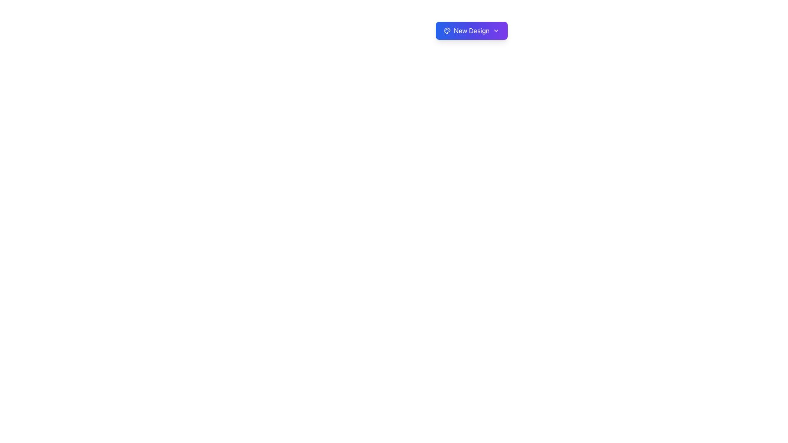 Image resolution: width=788 pixels, height=443 pixels. I want to click on the text label within the button component that indicates the action for creating or managing a 'New Design', so click(472, 30).